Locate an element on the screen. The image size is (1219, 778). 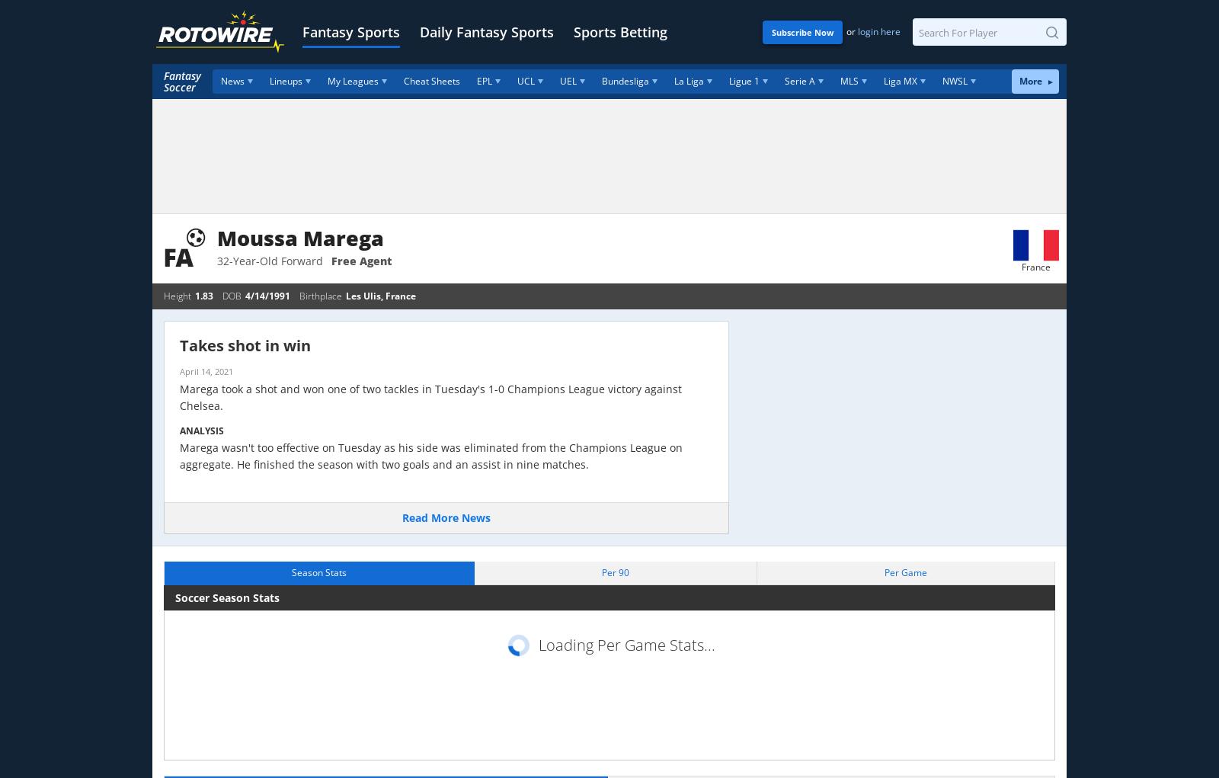
'Read More News' is located at coordinates (446, 517).